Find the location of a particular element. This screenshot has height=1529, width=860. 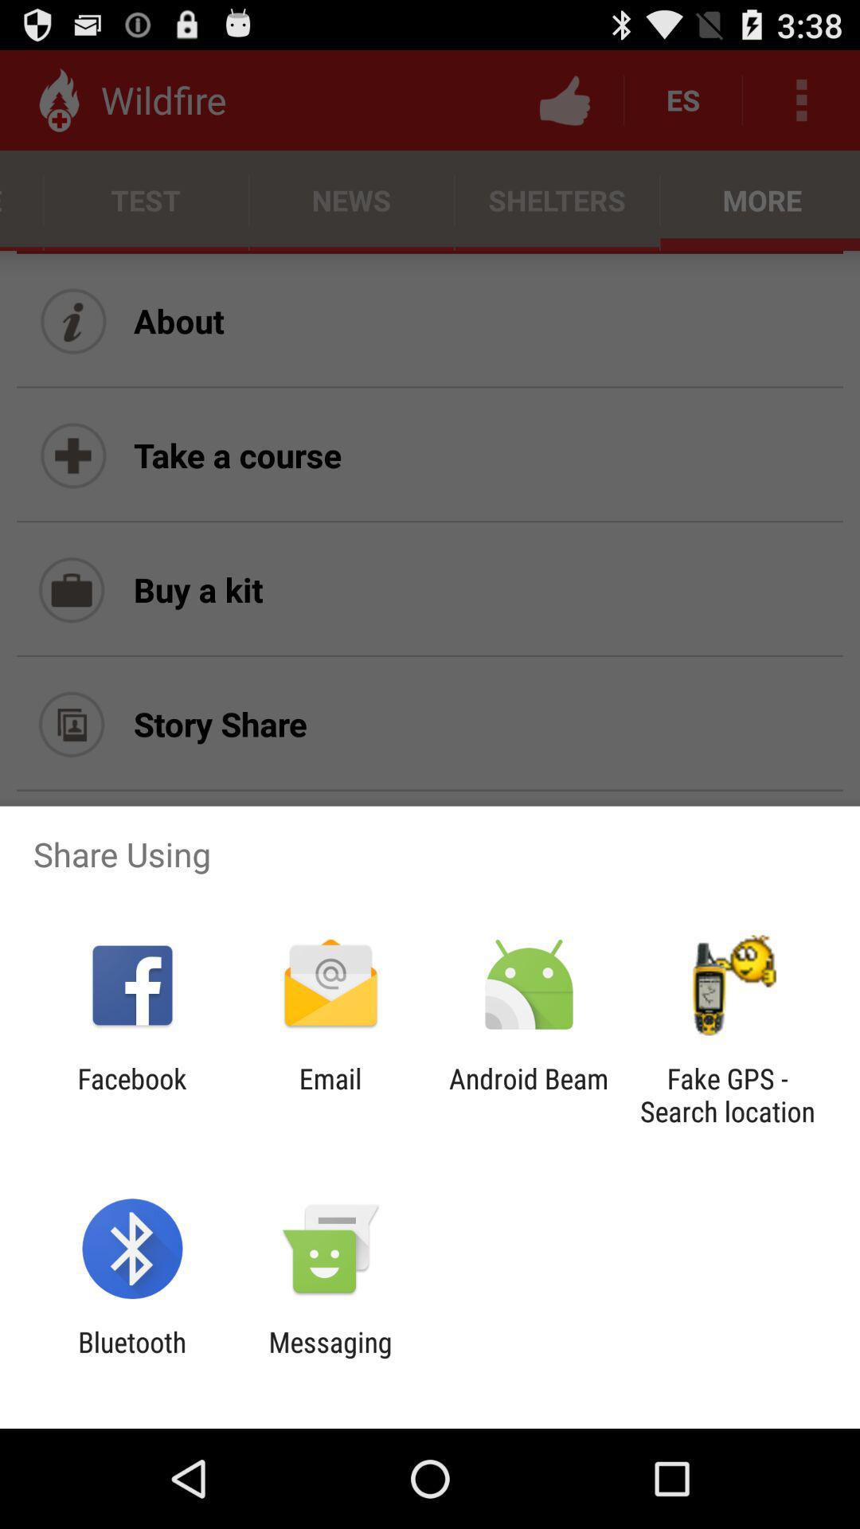

the email app is located at coordinates (330, 1094).